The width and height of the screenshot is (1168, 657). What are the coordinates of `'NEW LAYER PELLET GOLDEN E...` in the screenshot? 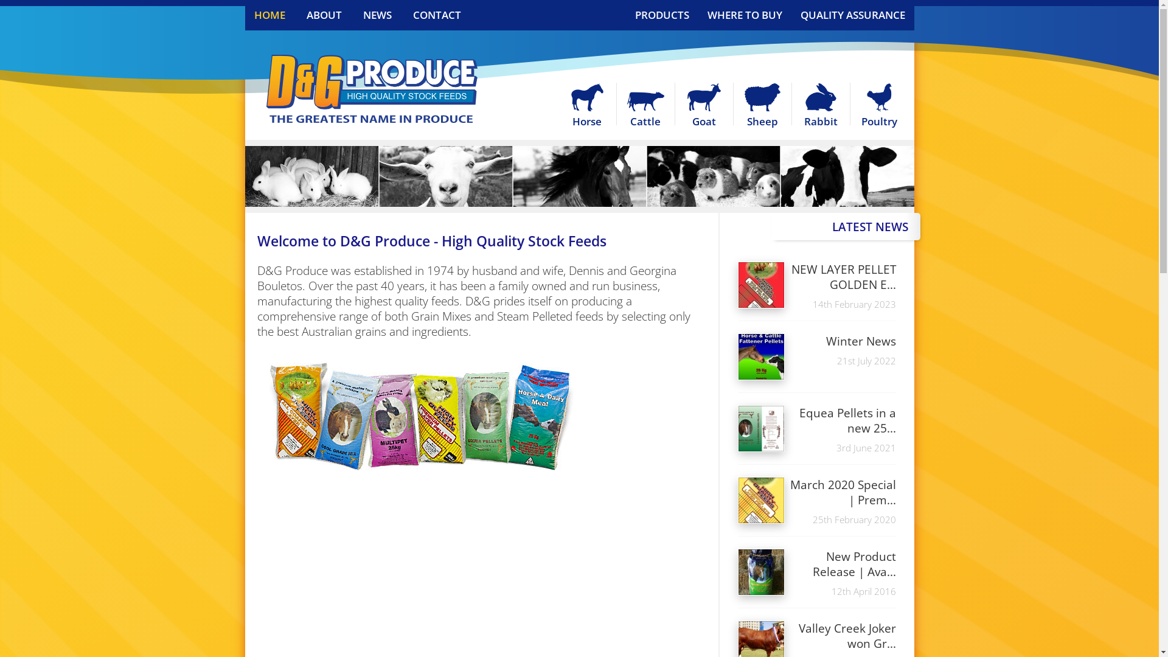 It's located at (816, 286).